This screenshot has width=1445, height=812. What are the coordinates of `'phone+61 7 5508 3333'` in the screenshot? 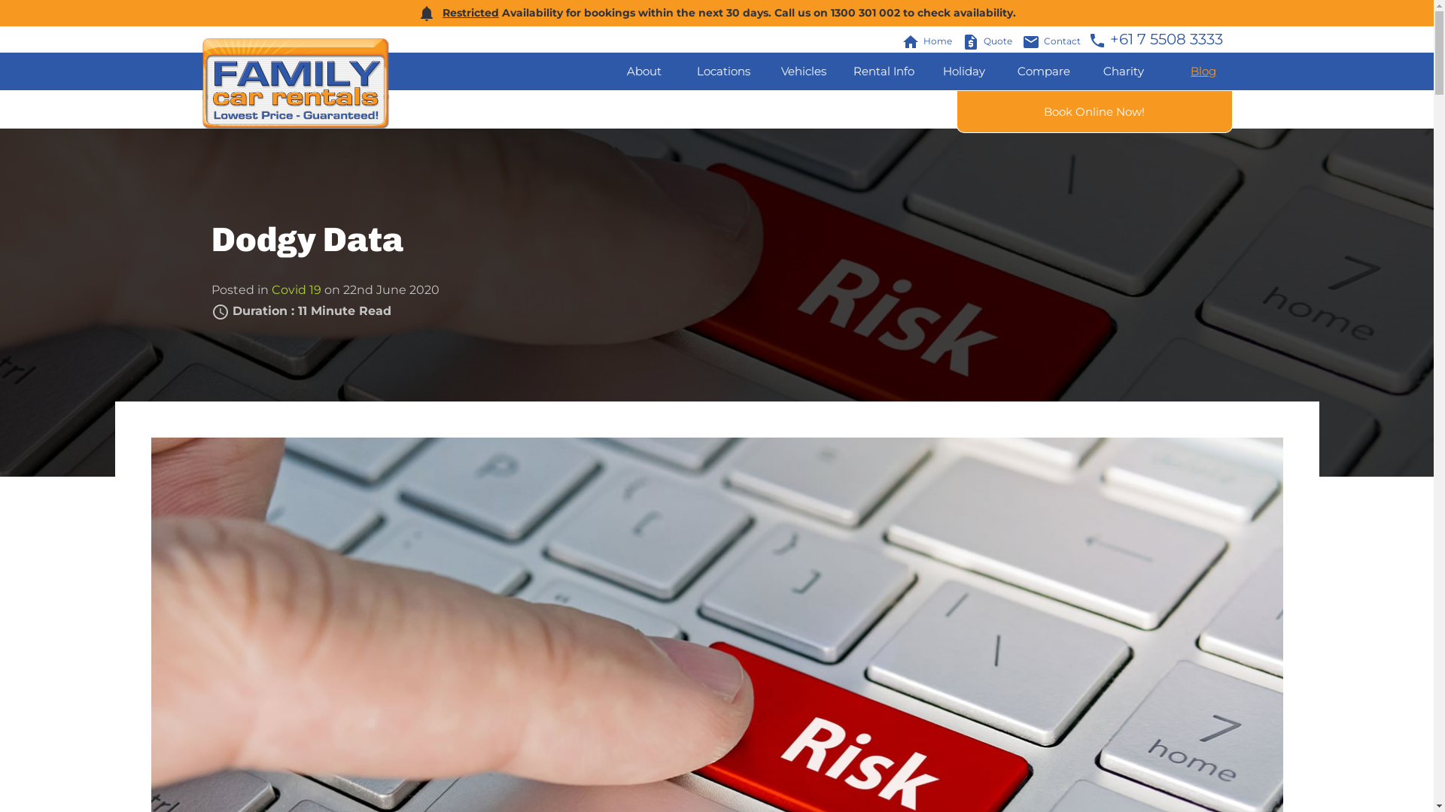 It's located at (1154, 38).